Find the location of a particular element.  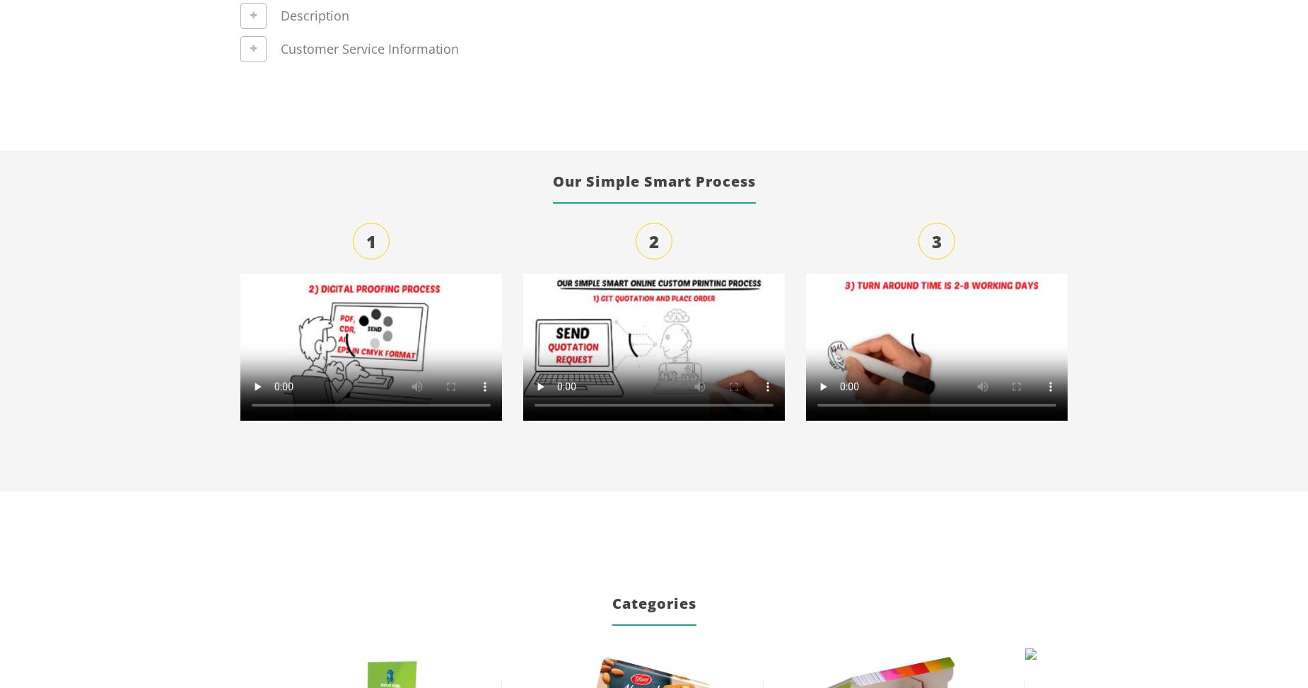

'If you are looking for the printing of' is located at coordinates (1078, 76).